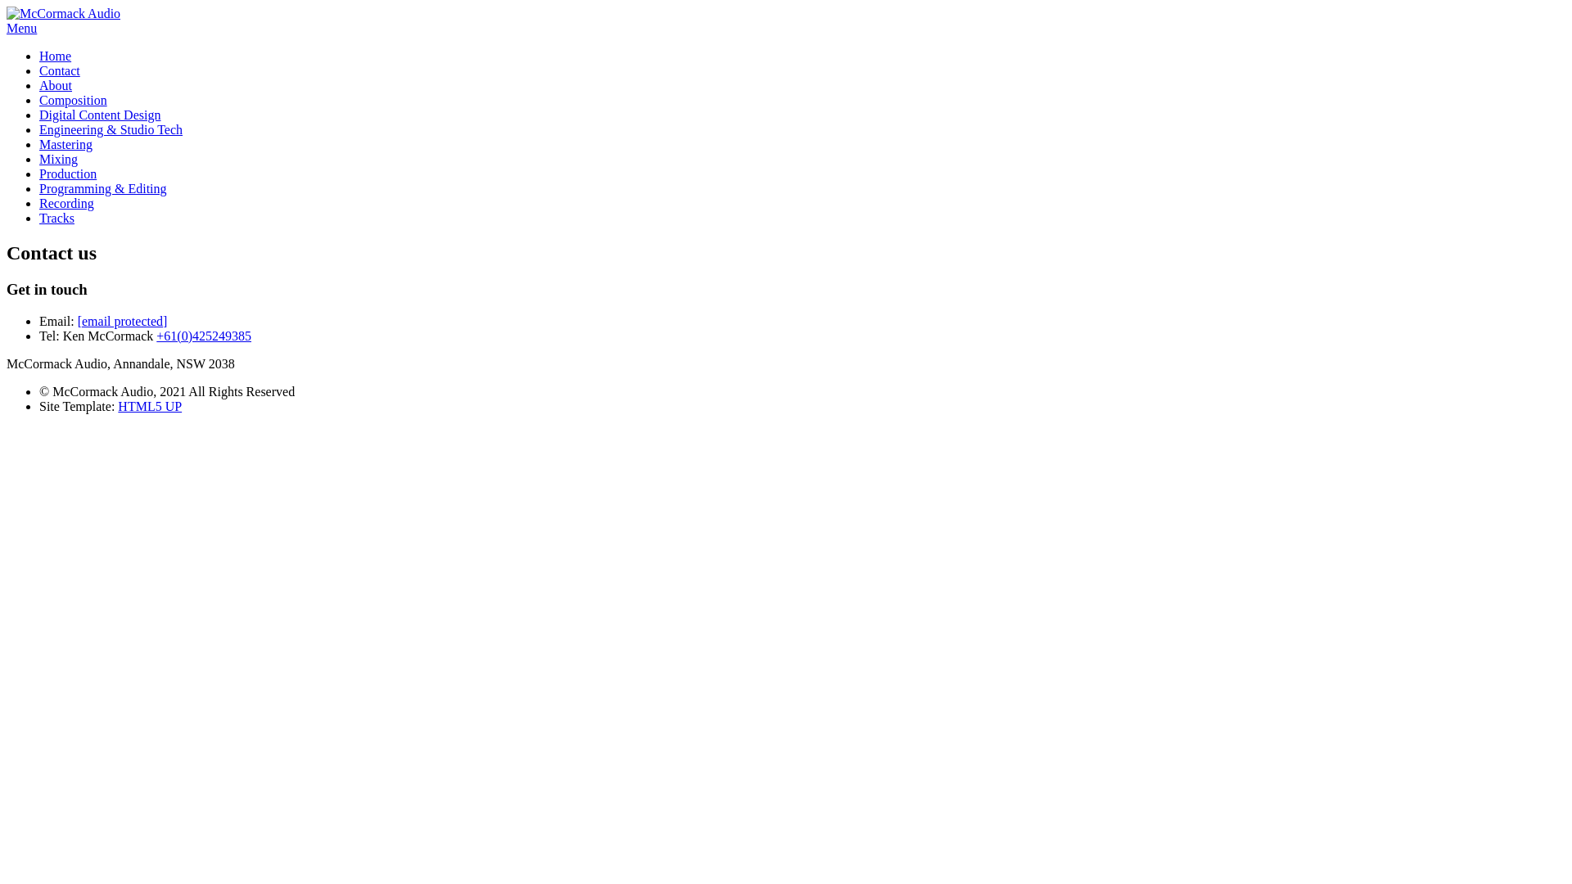 This screenshot has width=1572, height=884. Describe the element at coordinates (7, 28) in the screenshot. I see `'Menu'` at that location.